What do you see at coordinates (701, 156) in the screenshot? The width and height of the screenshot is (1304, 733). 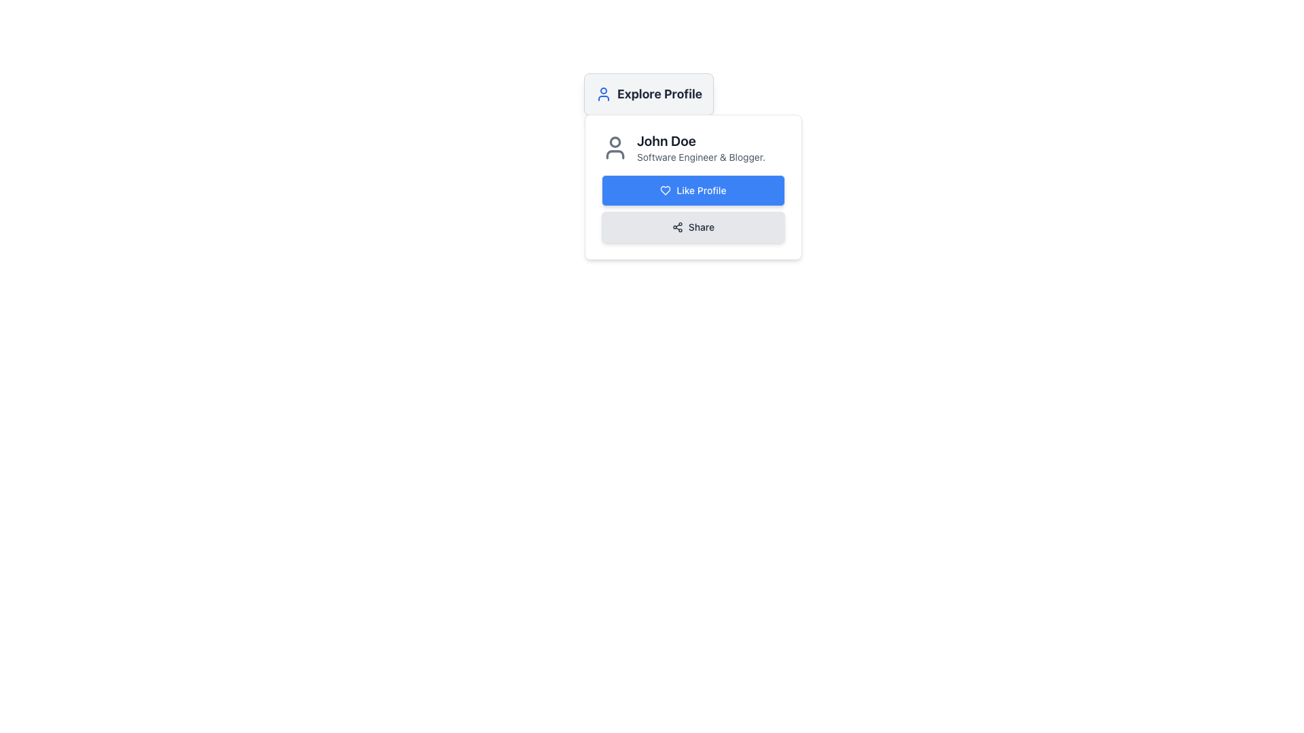 I see `the Text Display element that provides additional information about the user 'John Doe', positioned below the 'John Doe' text` at bounding box center [701, 156].